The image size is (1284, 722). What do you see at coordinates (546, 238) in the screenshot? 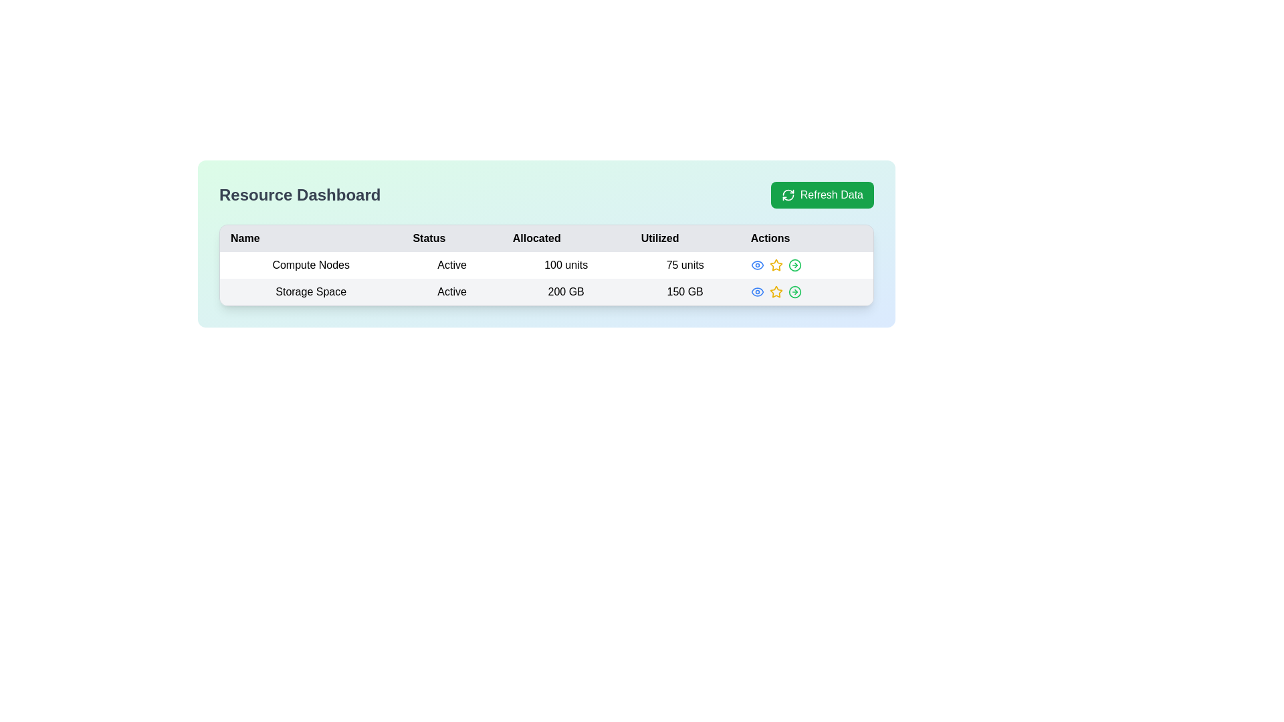
I see `the table header row which contains the labels 'Name', 'Status', 'Allocated', 'Utilized', and 'Actions' located below the 'Resource Dashboard'` at bounding box center [546, 238].